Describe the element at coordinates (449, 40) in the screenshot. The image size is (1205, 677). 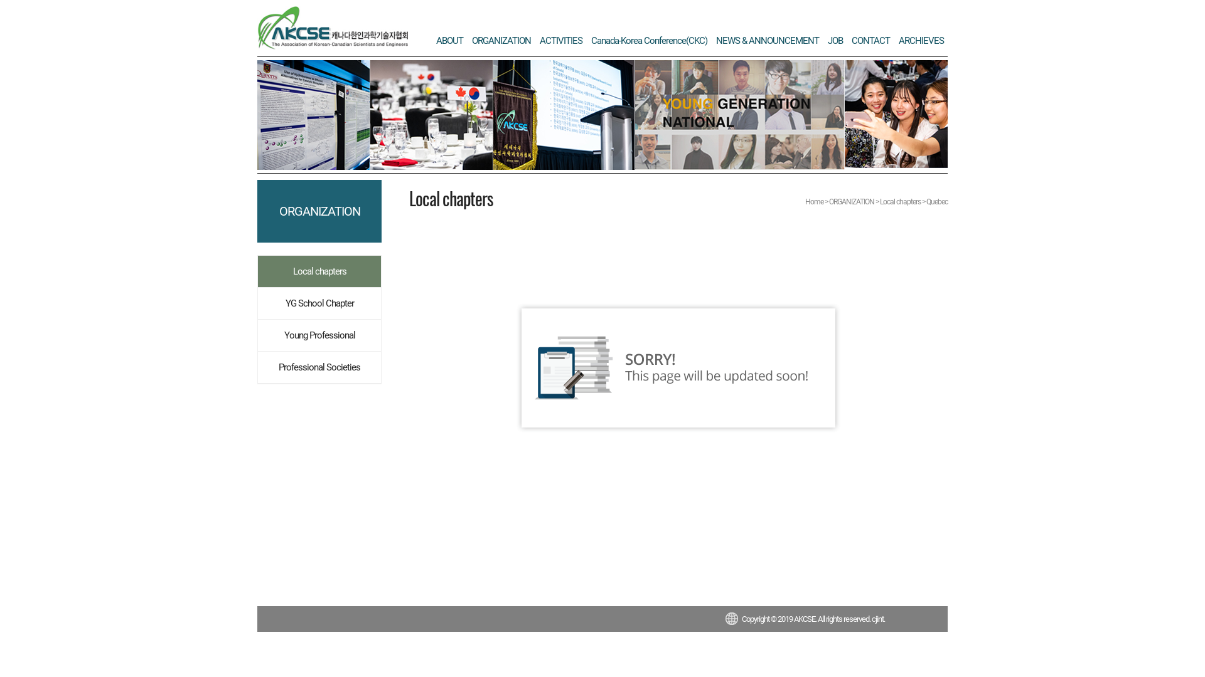
I see `'ABOUT'` at that location.